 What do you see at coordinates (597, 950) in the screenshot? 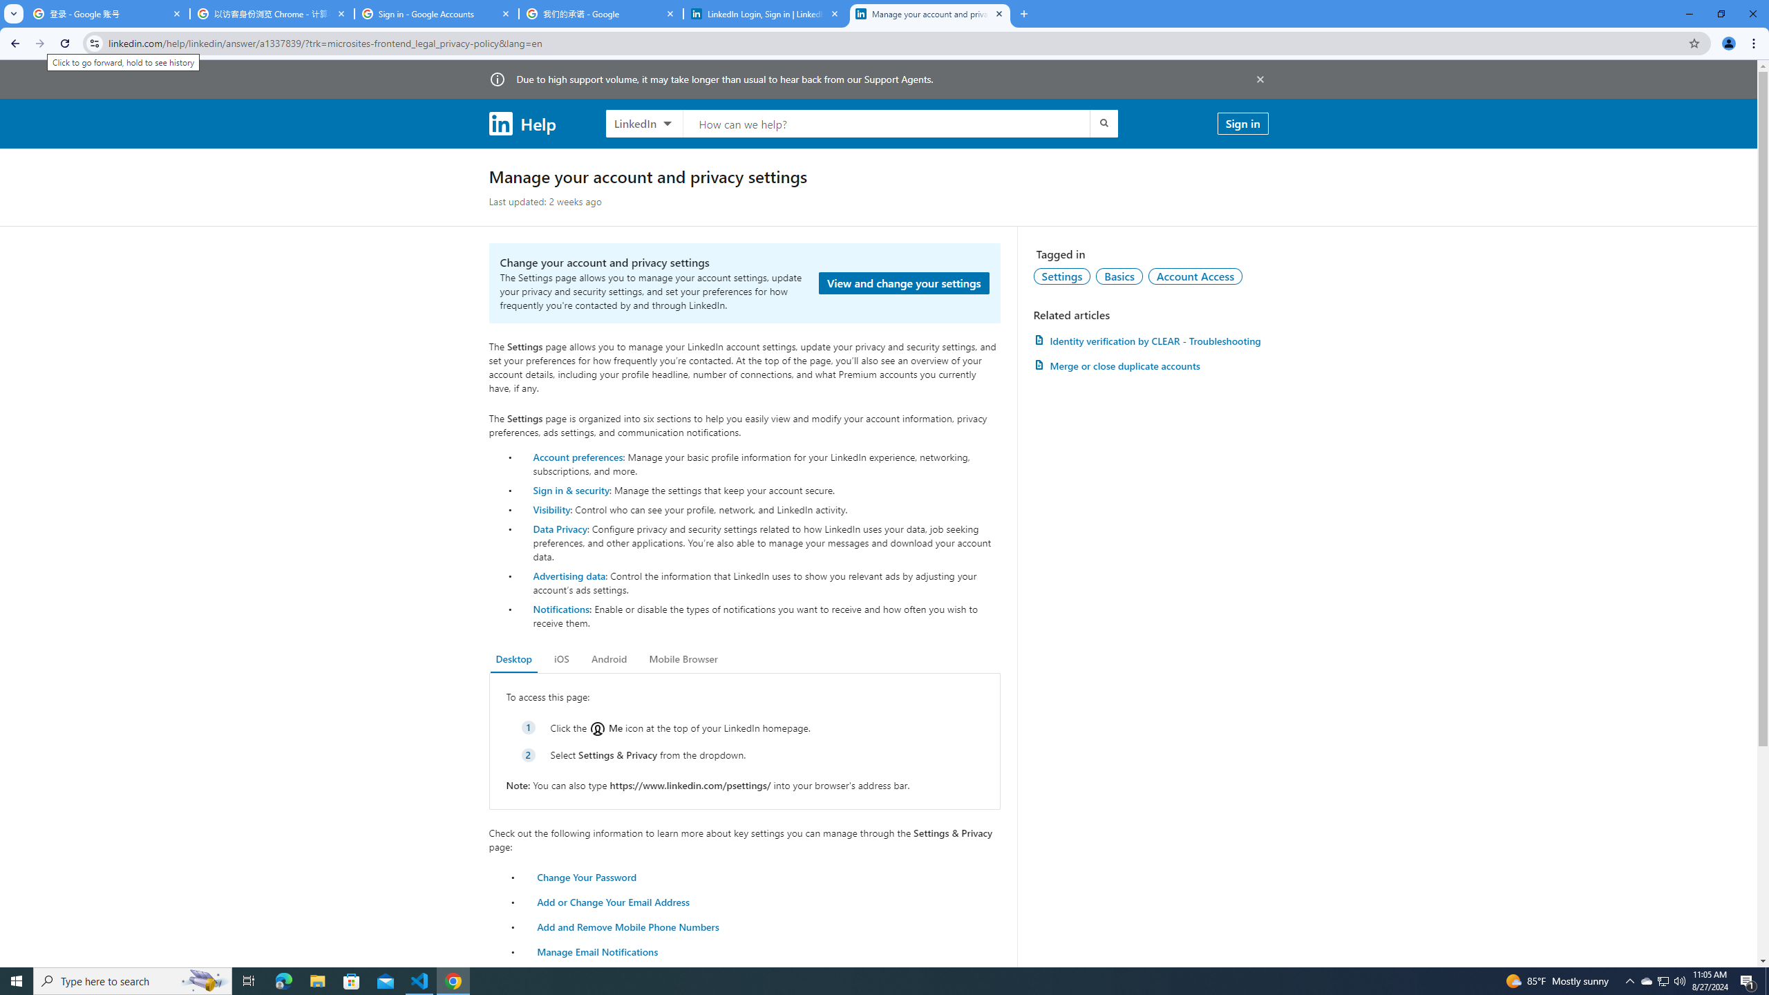
I see `'Manage Email Notifications'` at bounding box center [597, 950].